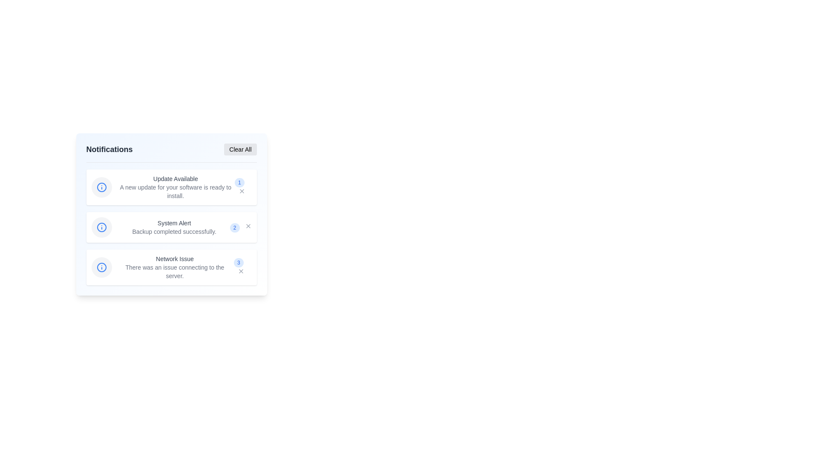 This screenshot has width=818, height=460. Describe the element at coordinates (175, 192) in the screenshot. I see `text label that states 'A new update for your software is ready to install.' located beneath the header 'Update Available' in the first notification card` at that location.